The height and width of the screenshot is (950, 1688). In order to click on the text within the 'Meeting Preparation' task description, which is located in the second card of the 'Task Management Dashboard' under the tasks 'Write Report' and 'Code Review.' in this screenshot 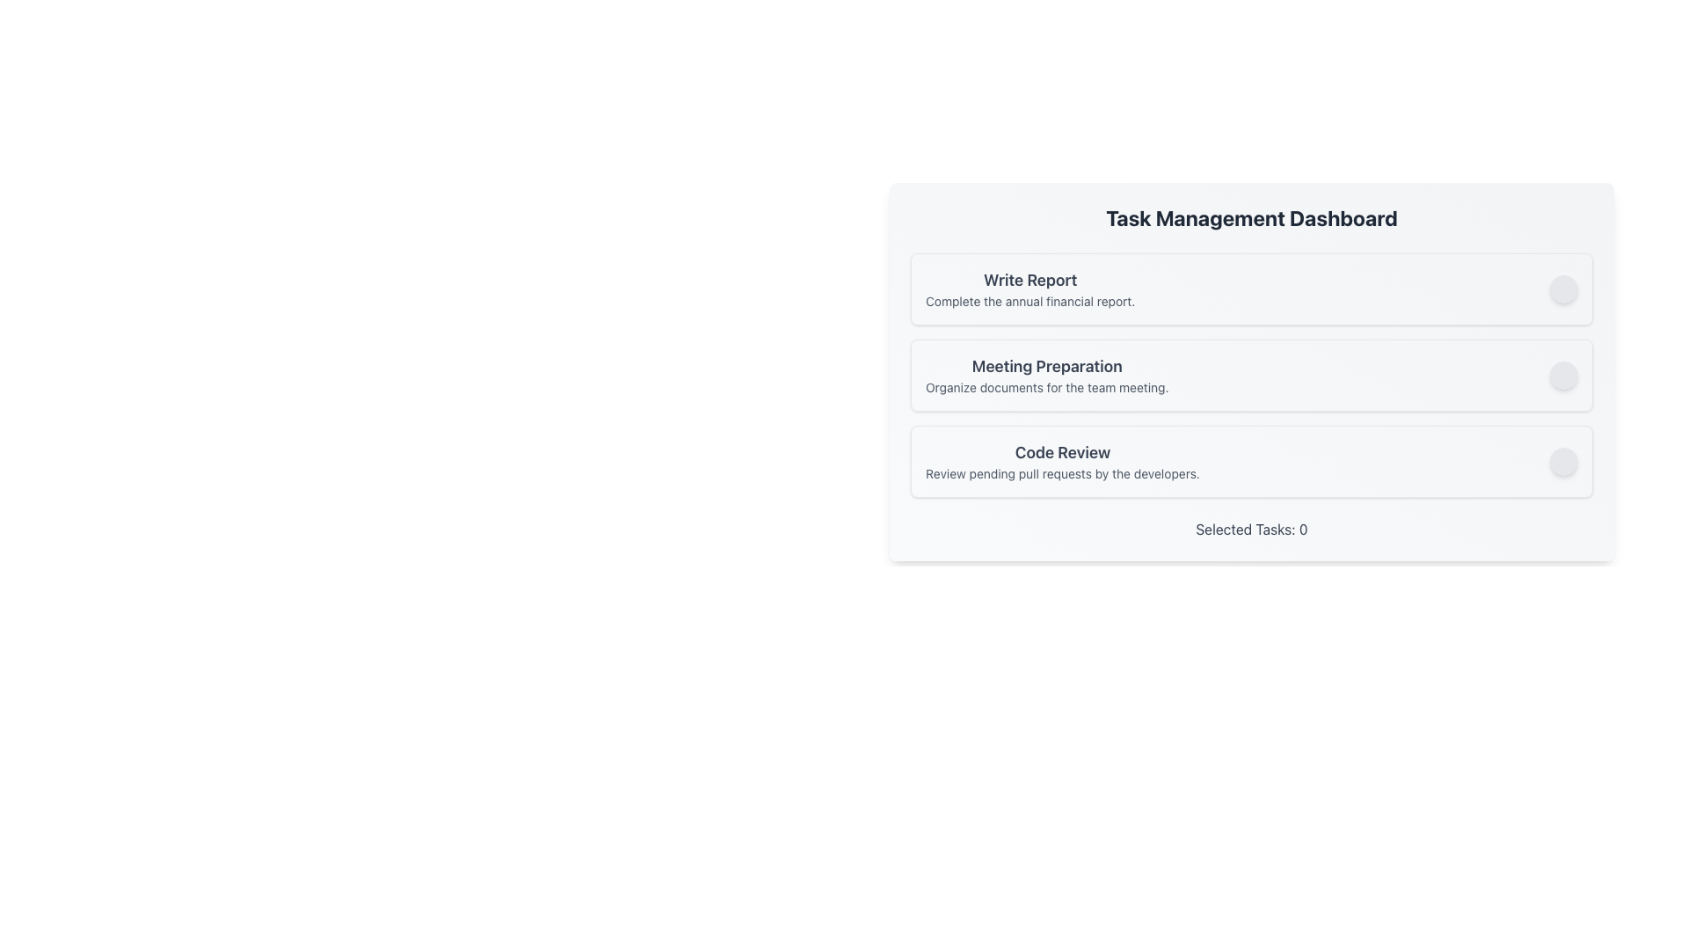, I will do `click(1047, 375)`.